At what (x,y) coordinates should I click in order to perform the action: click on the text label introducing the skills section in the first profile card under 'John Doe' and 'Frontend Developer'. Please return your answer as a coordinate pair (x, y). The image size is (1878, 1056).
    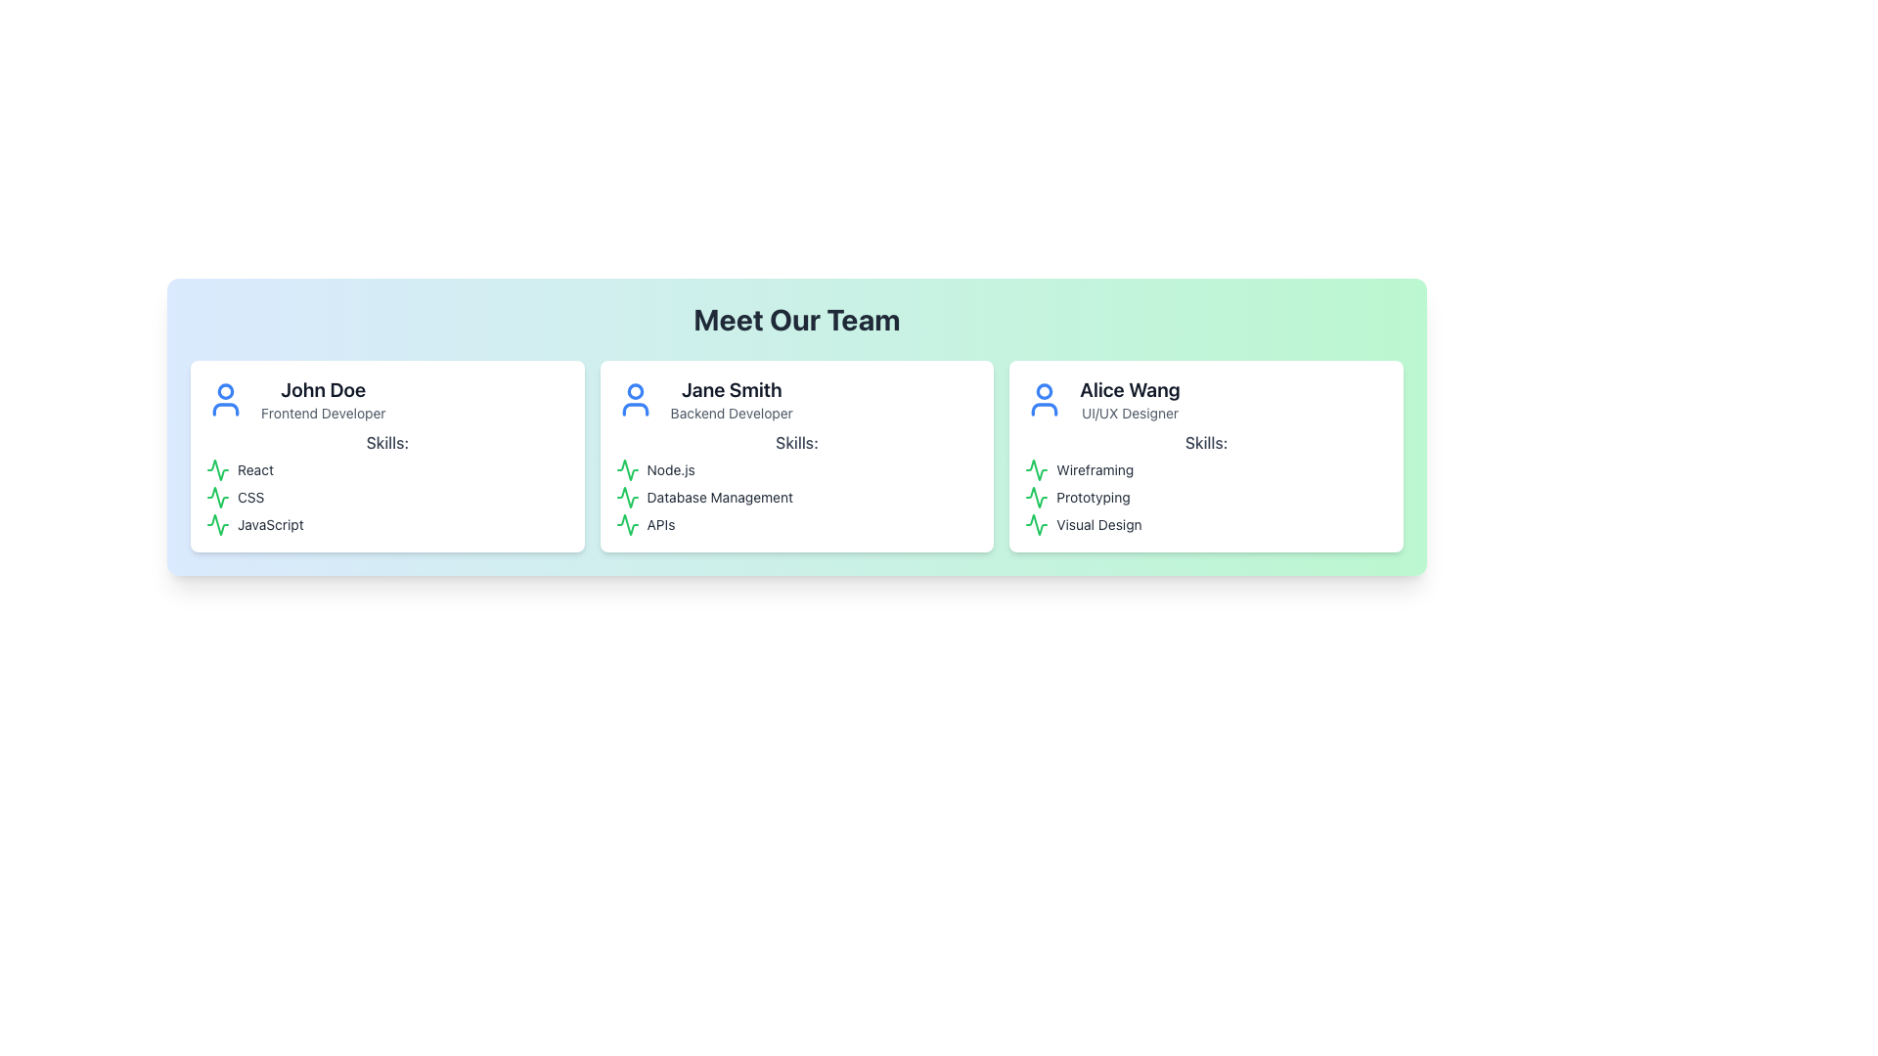
    Looking at the image, I should click on (387, 442).